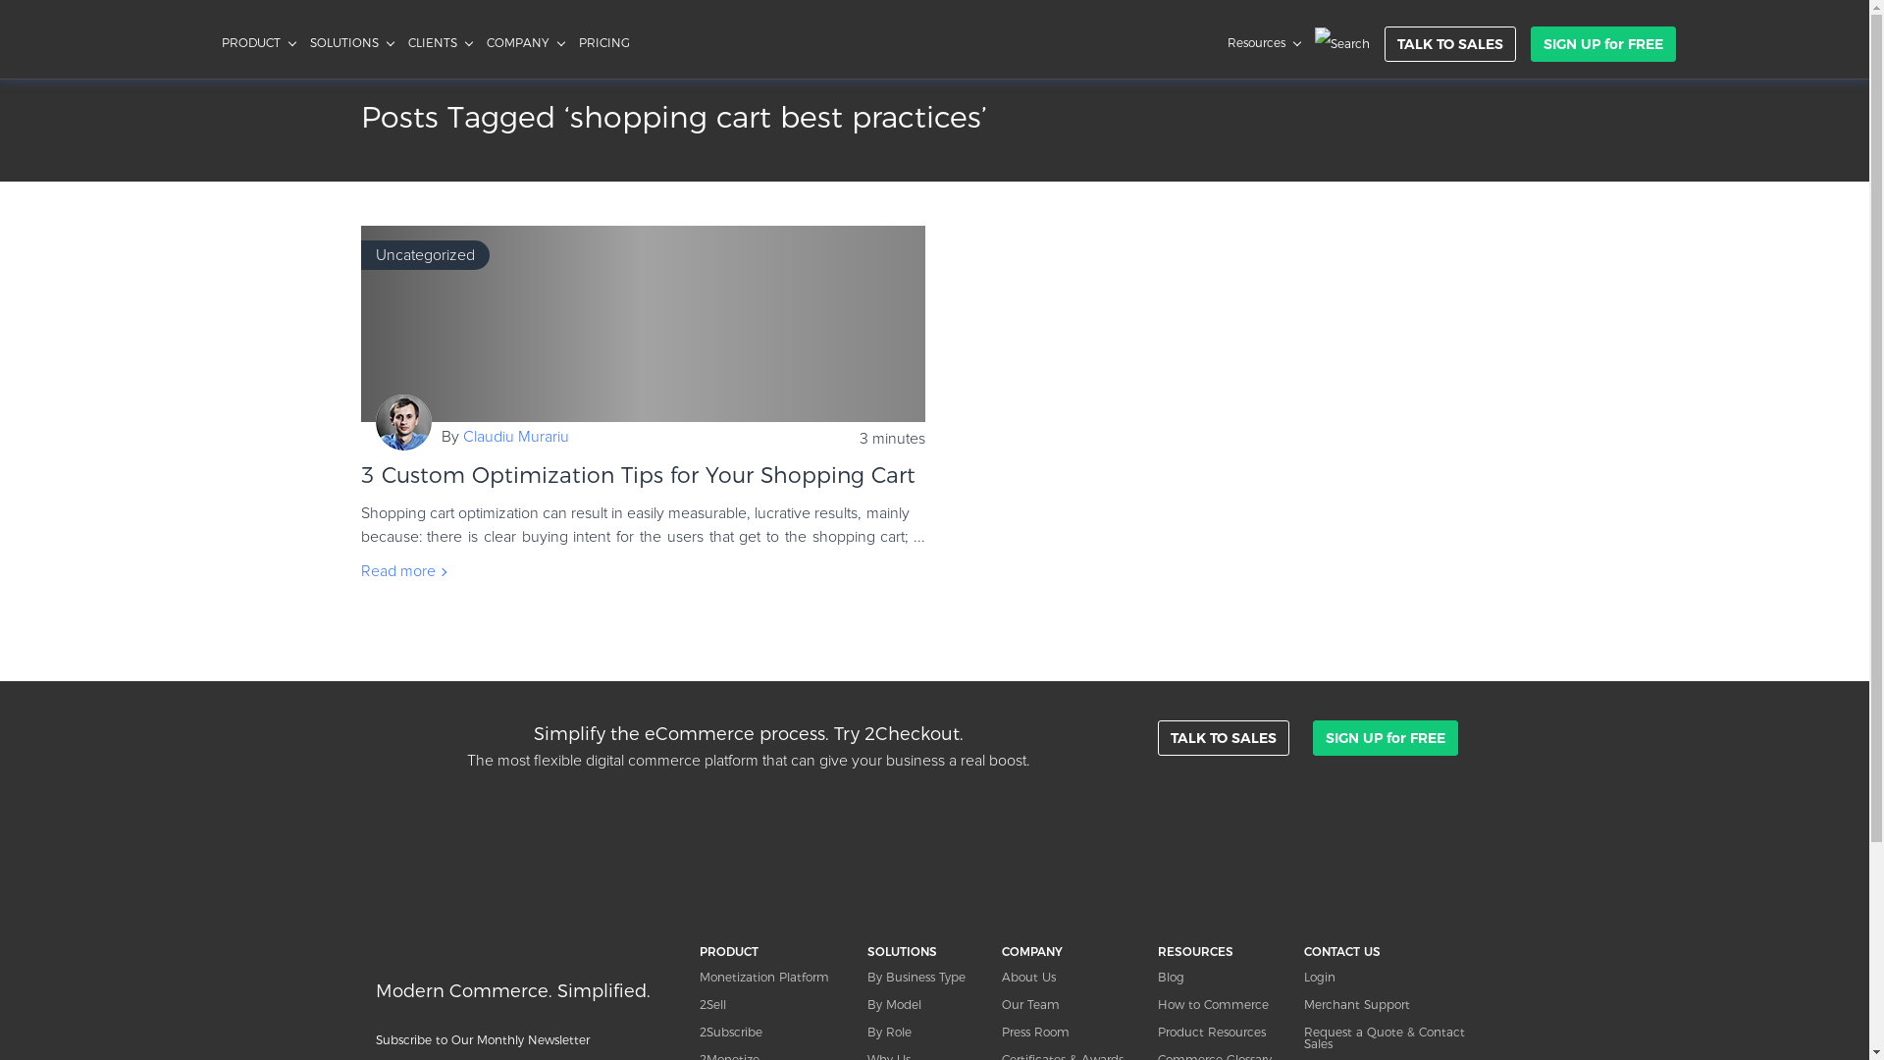  Describe the element at coordinates (771, 950) in the screenshot. I see `'PRODUCT'` at that location.